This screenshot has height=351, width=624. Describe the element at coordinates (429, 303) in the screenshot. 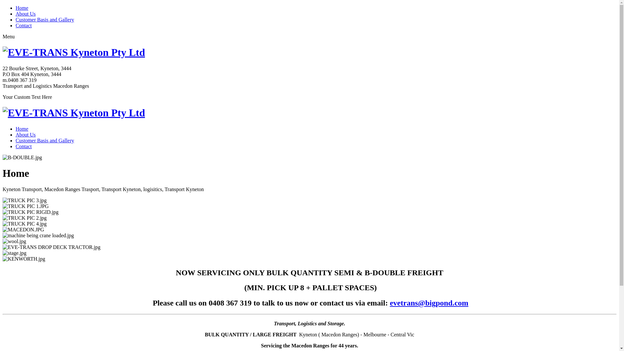

I see `'evetrans@bigpond.com'` at that location.